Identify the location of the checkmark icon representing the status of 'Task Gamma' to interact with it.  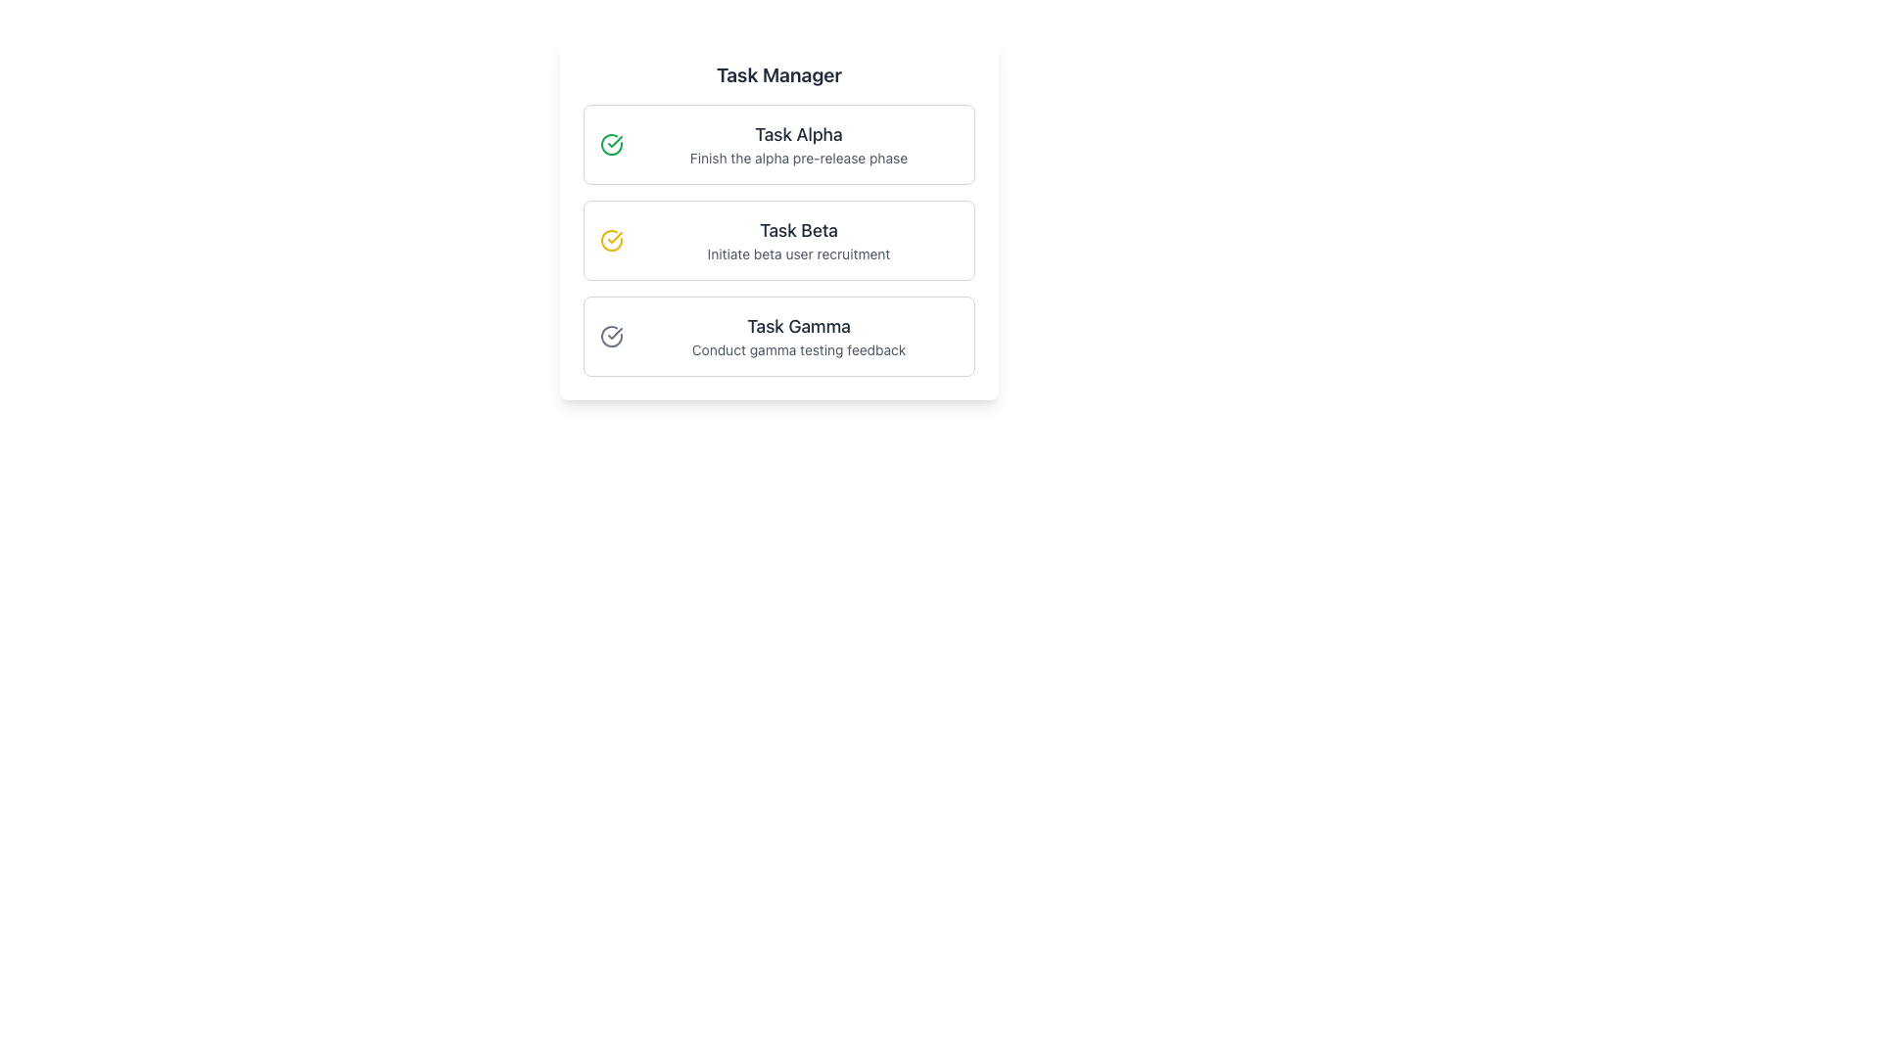
(610, 335).